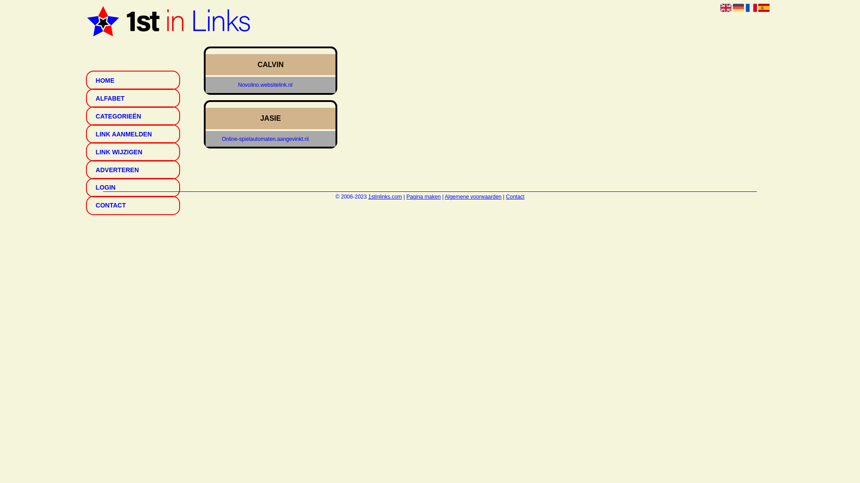 The height and width of the screenshot is (483, 860). I want to click on 'CONTACT', so click(133, 205).